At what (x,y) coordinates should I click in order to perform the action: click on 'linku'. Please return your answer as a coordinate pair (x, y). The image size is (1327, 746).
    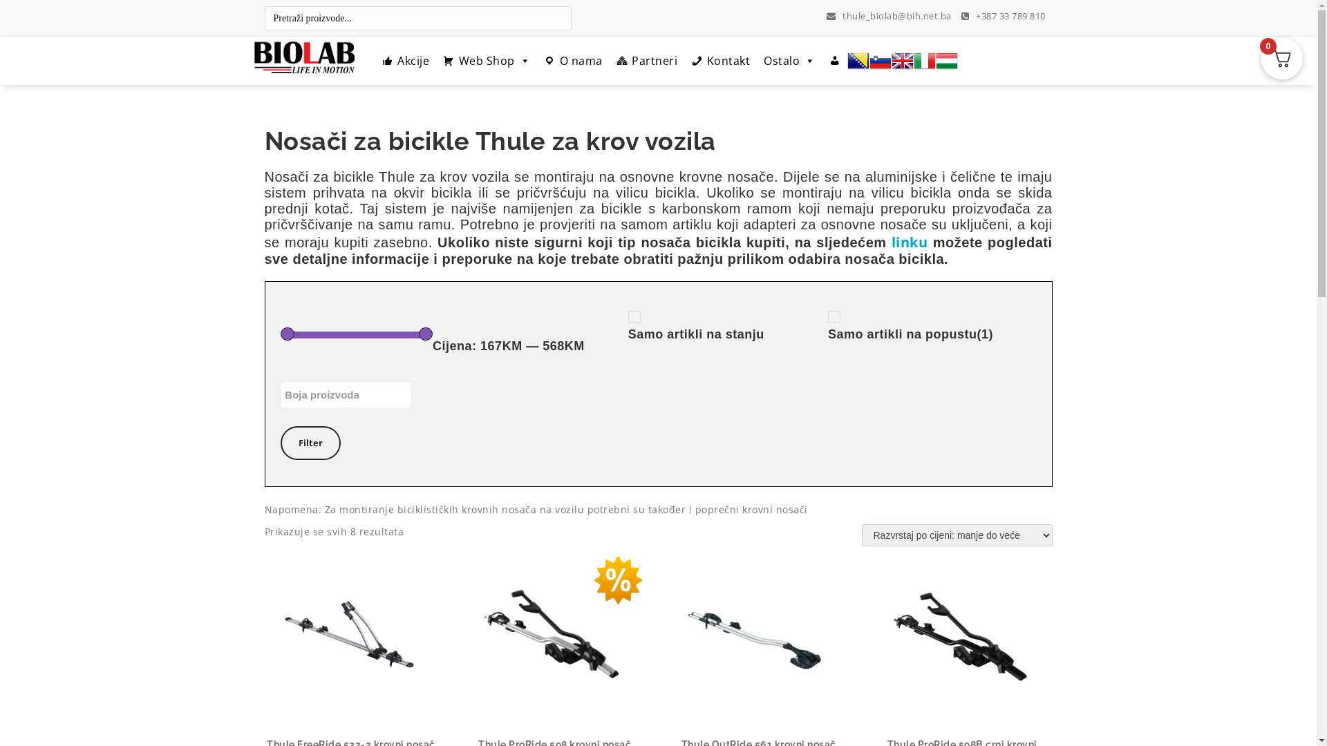
    Looking at the image, I should click on (910, 241).